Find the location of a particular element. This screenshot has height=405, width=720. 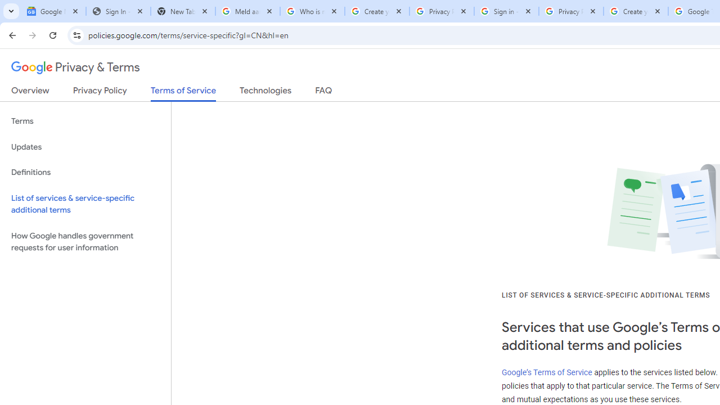

'FAQ' is located at coordinates (323, 92).